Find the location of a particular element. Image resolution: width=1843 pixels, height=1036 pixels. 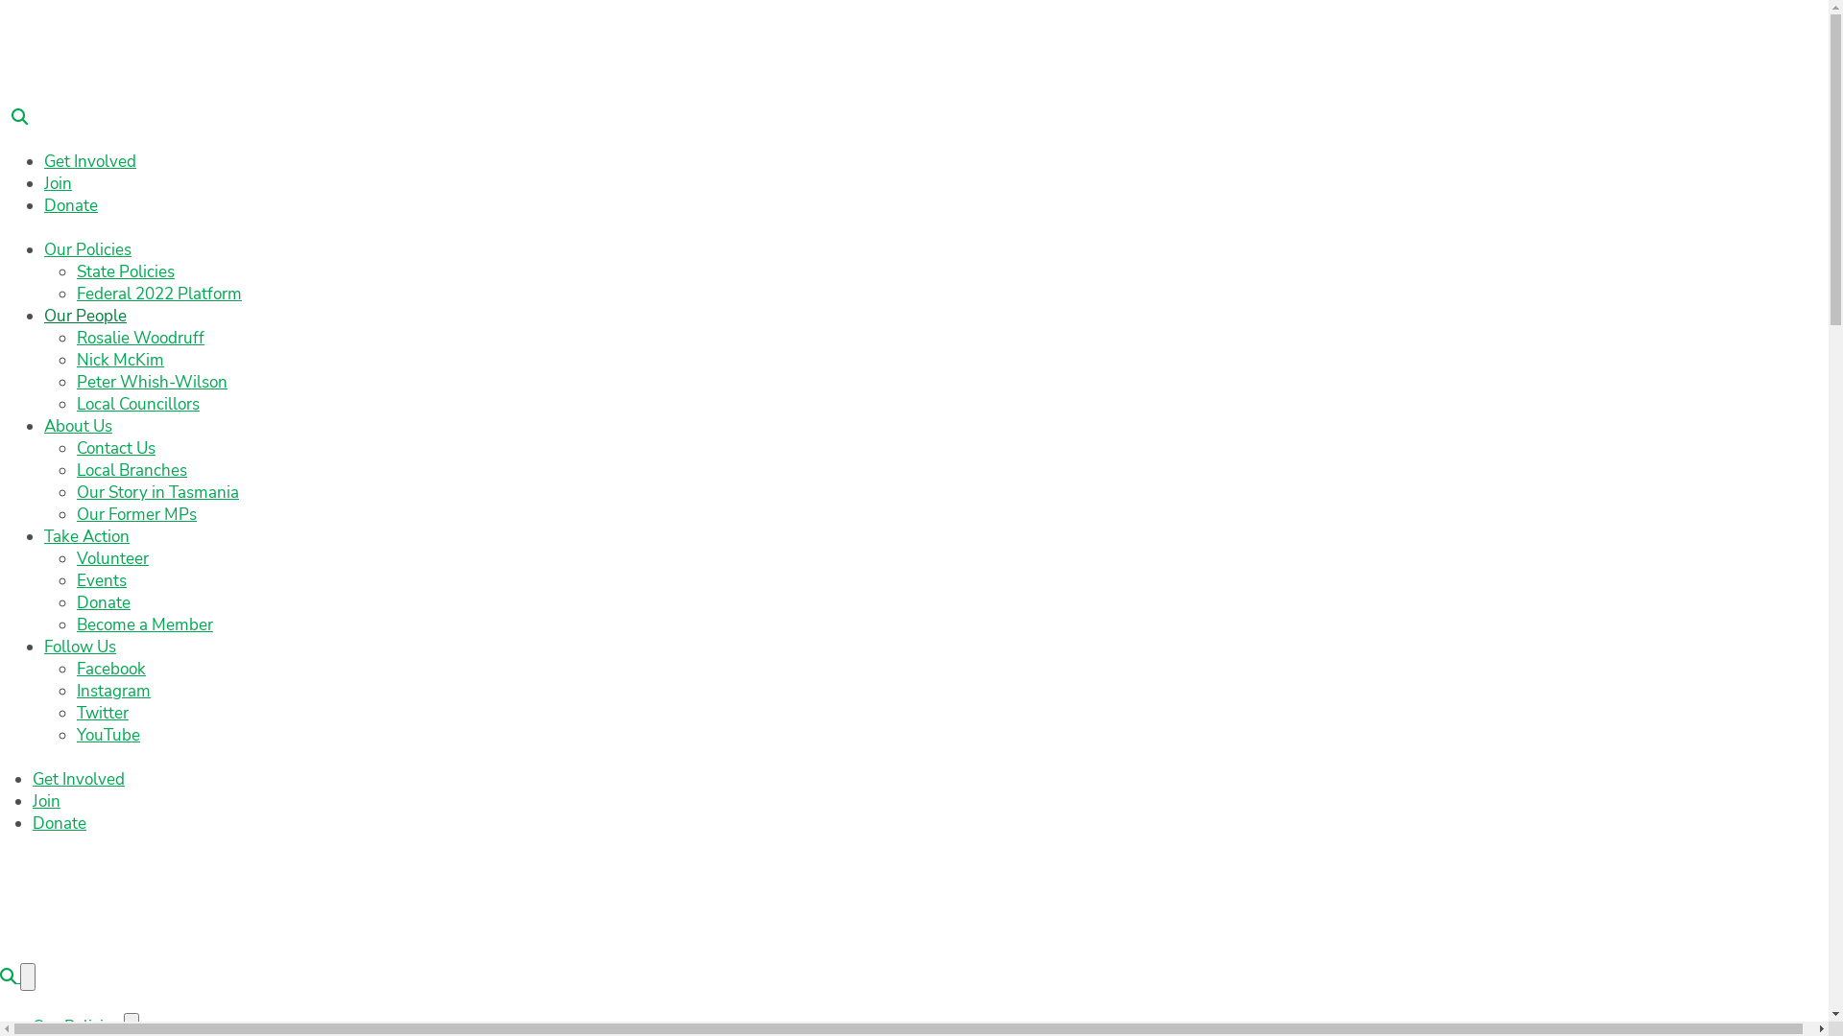

'Skip to main content' is located at coordinates (0, 0).